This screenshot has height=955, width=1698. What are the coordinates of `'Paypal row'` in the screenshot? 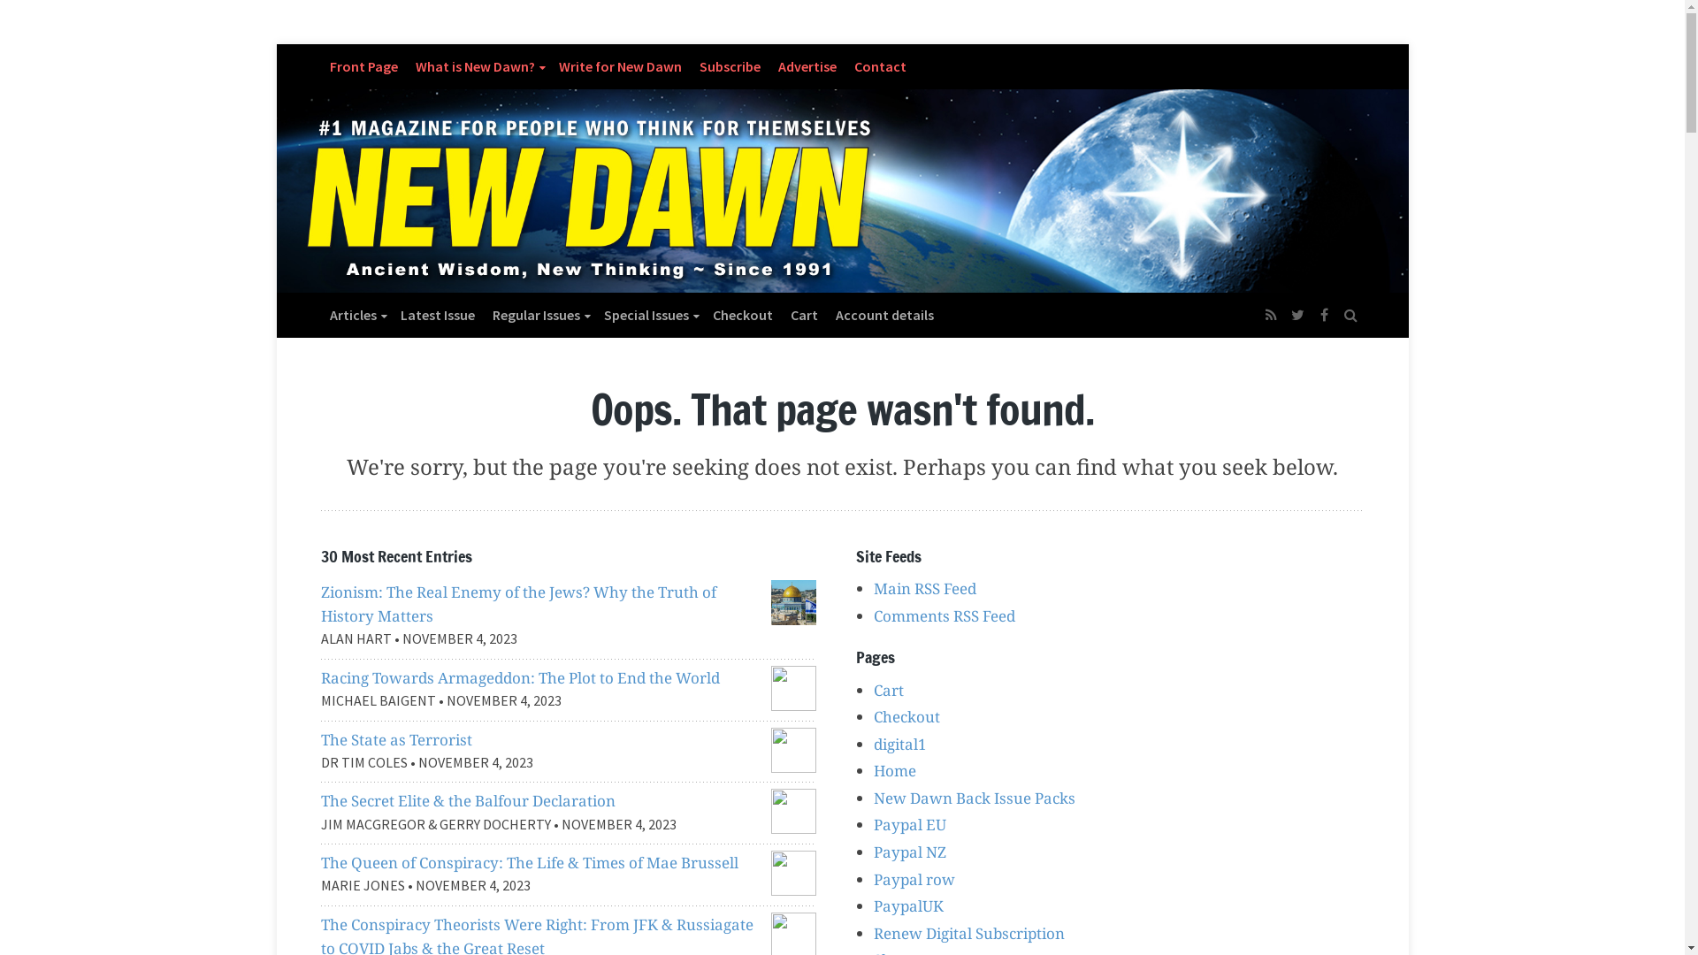 It's located at (914, 879).